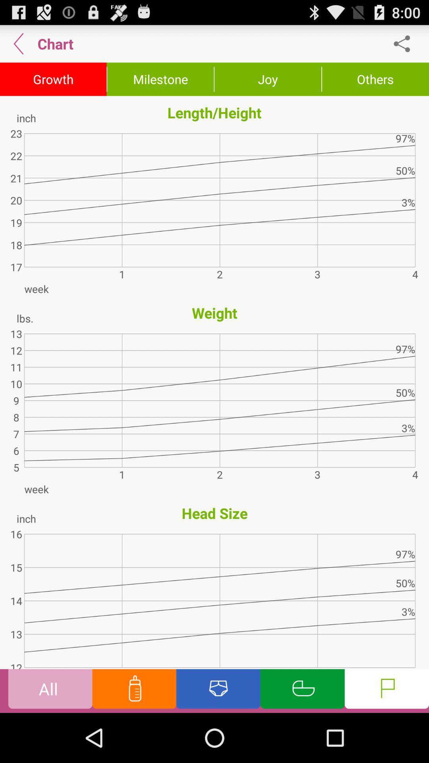 This screenshot has height=763, width=429. I want to click on the arrow_backward icon, so click(18, 46).